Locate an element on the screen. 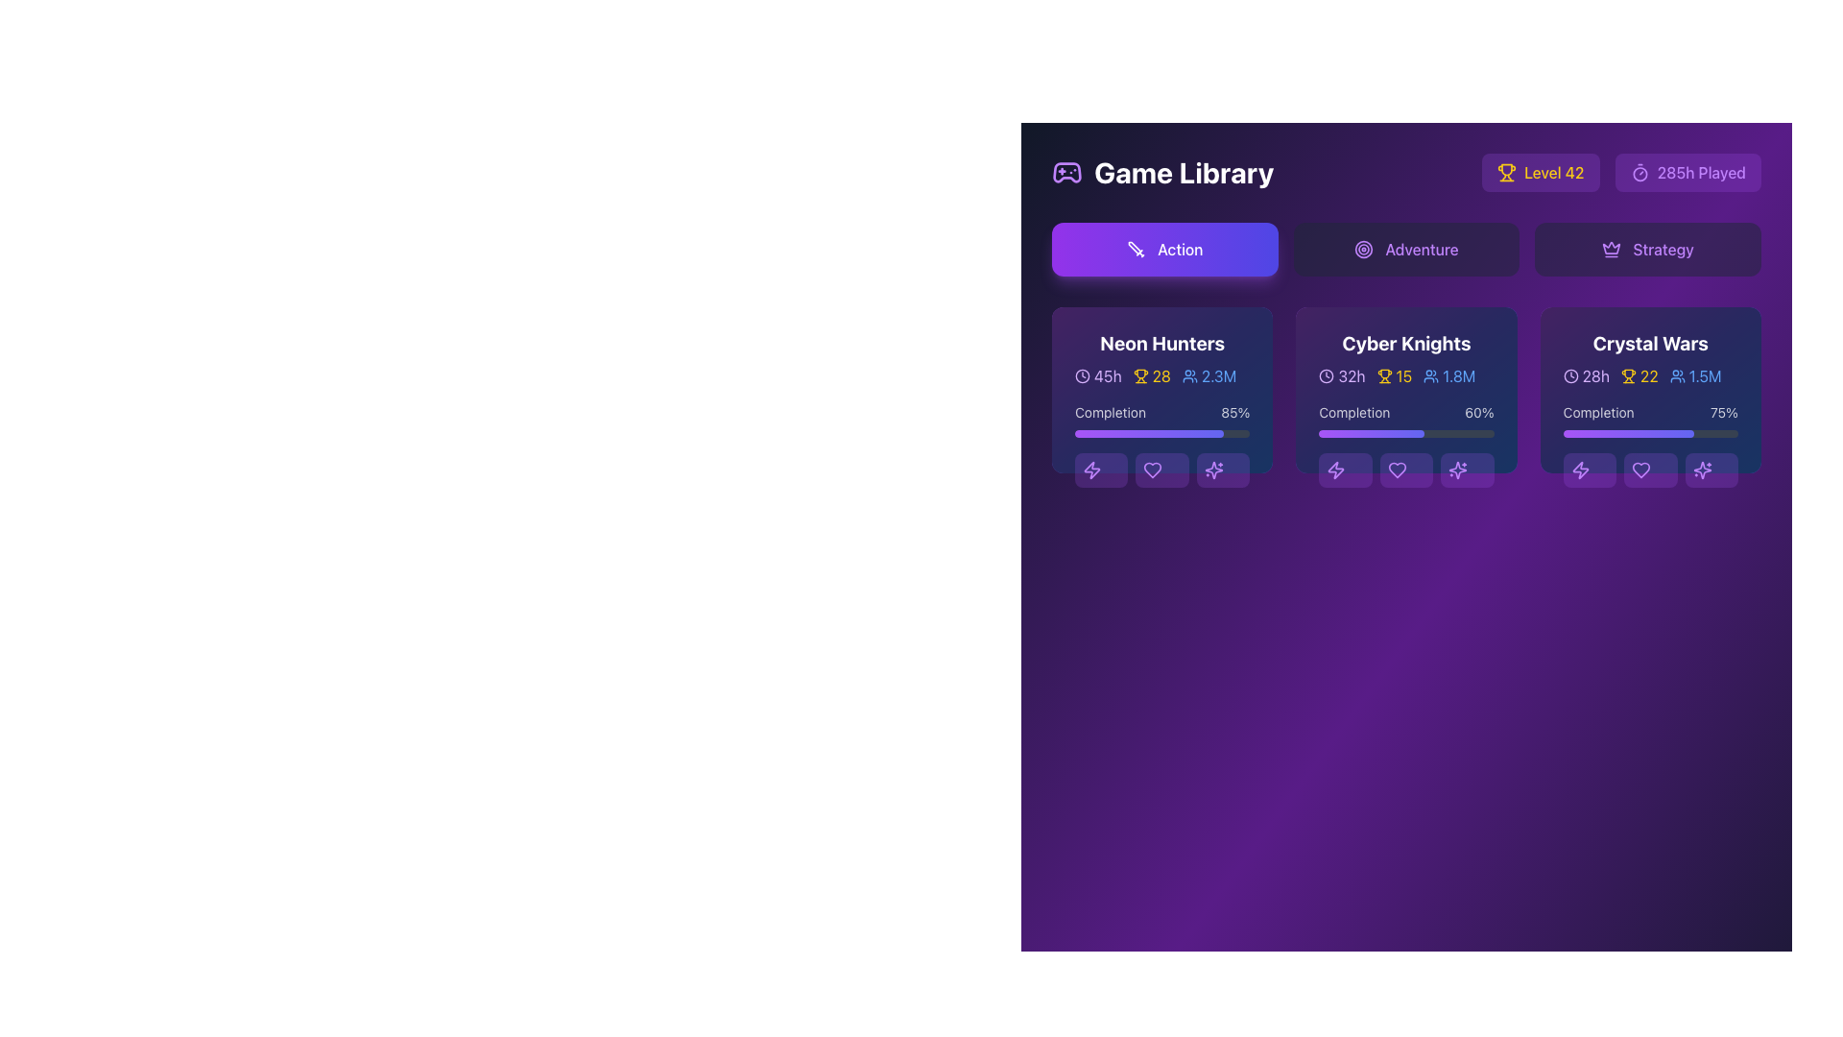 The image size is (1843, 1037). the first button/icon with a lightning bolt design in the 'Neon Hunters' panel is located at coordinates (1091, 470).